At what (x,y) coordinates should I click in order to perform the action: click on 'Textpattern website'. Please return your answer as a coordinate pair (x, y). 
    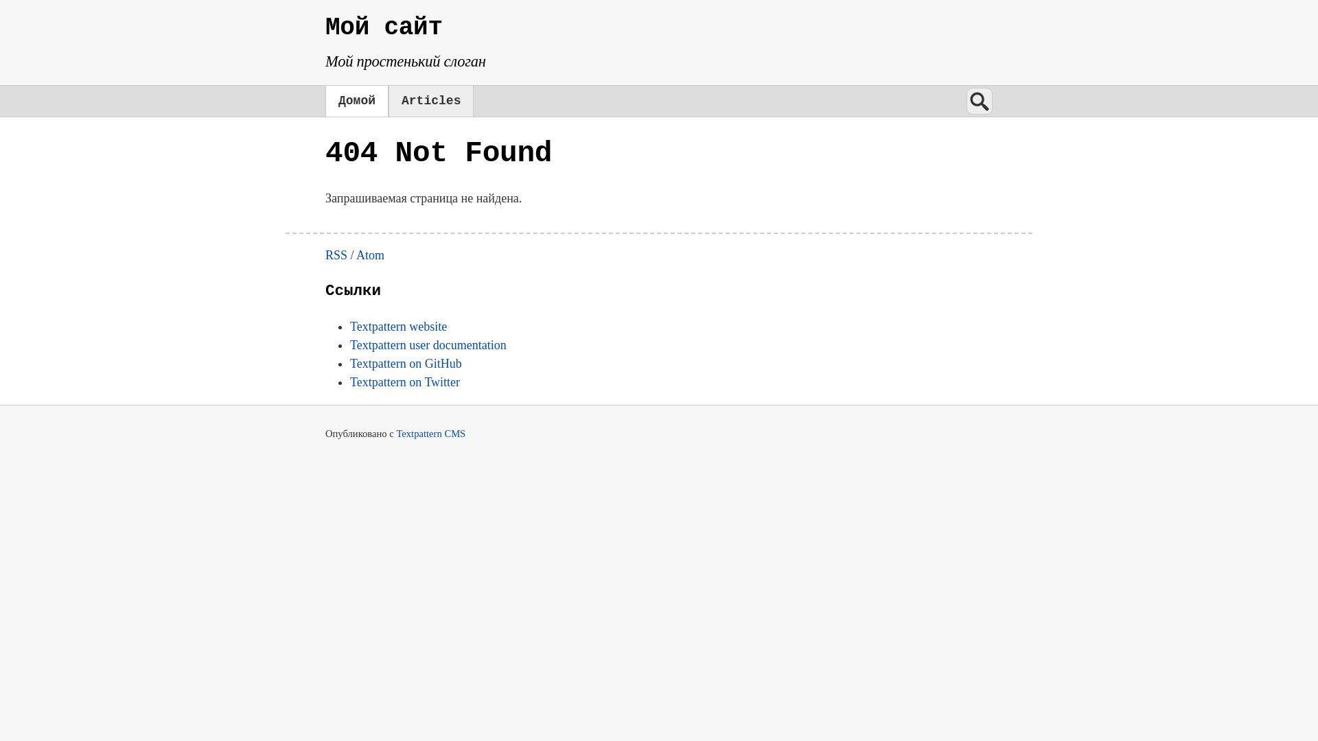
    Looking at the image, I should click on (397, 326).